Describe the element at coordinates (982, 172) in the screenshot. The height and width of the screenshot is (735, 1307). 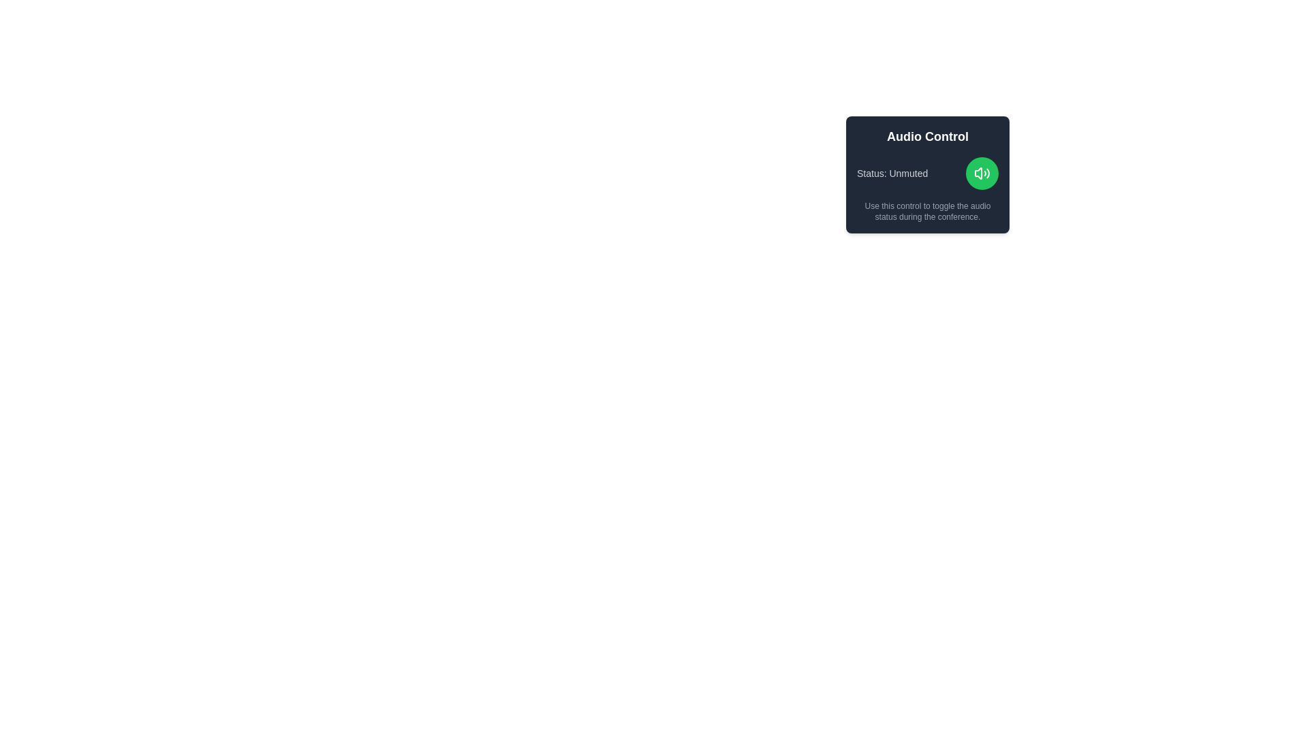
I see `the toggle button for audio status located to the right of the 'Status: Unmuted' label in the top-right part of the 'Audio Control' card to change the audio status` at that location.